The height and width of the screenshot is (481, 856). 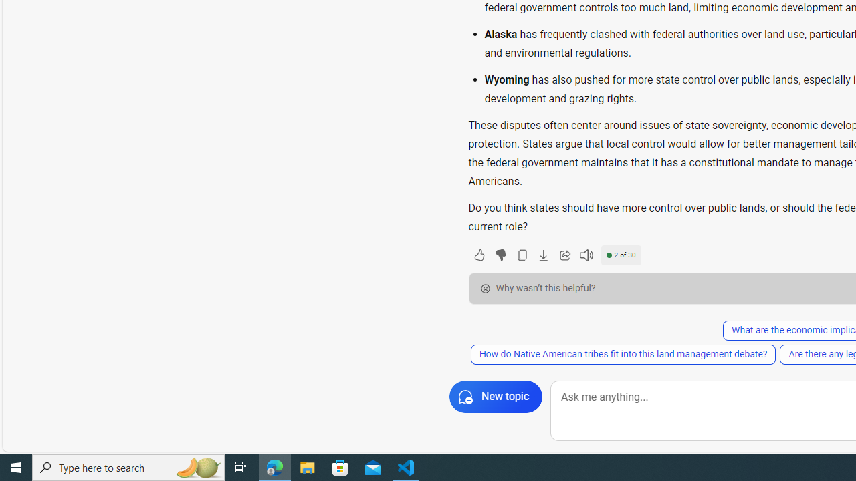 What do you see at coordinates (564, 255) in the screenshot?
I see `'Share'` at bounding box center [564, 255].